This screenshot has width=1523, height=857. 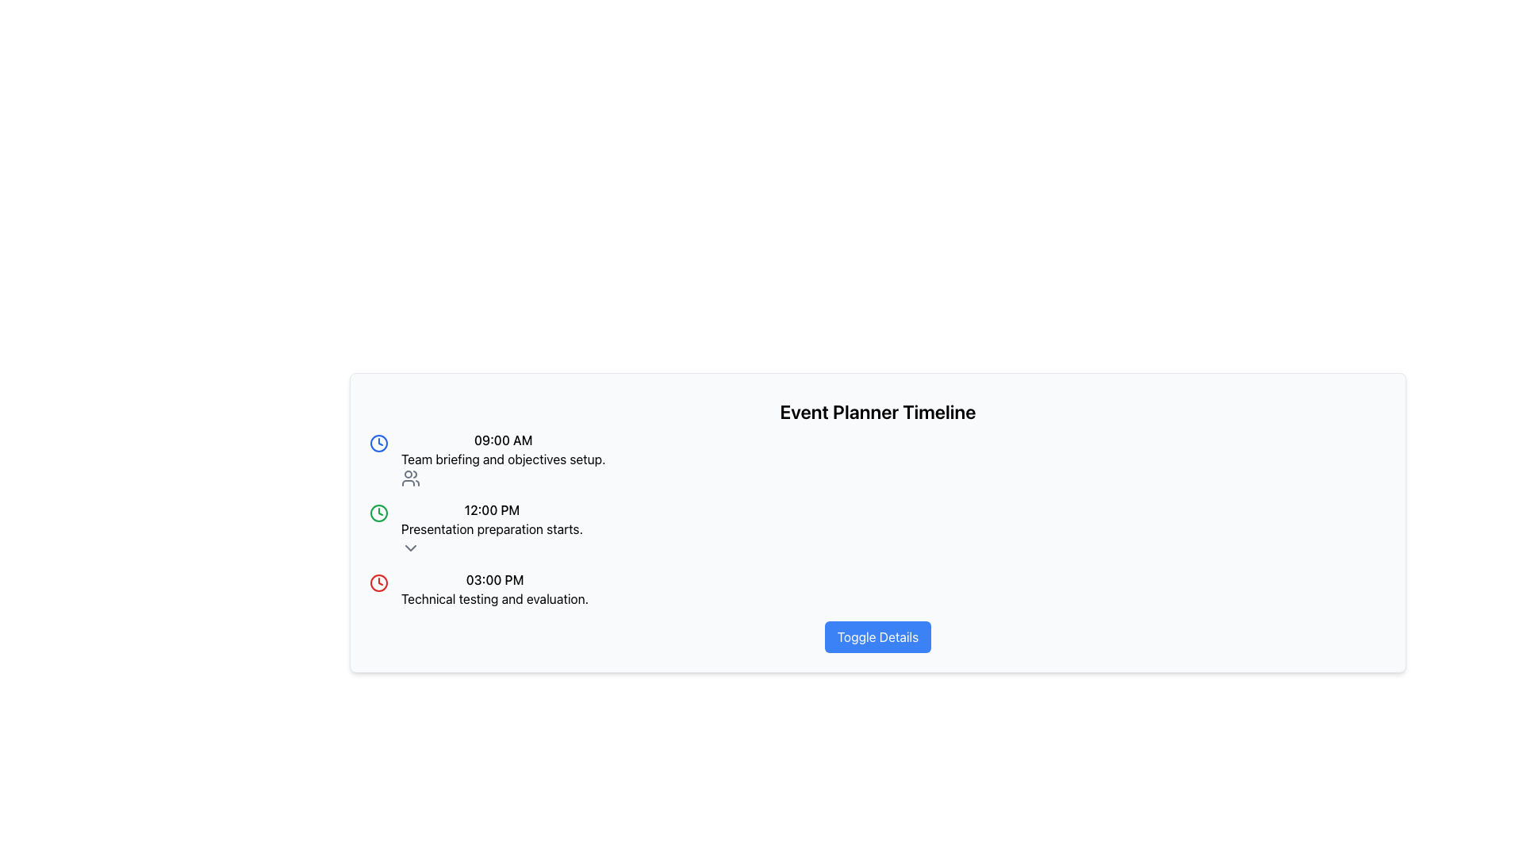 What do you see at coordinates (502, 459) in the screenshot?
I see `the Text Block element displaying '09:00 AM' and 'Team briefing and objectives setup.' positioned under the 'Event Planner Timeline'` at bounding box center [502, 459].